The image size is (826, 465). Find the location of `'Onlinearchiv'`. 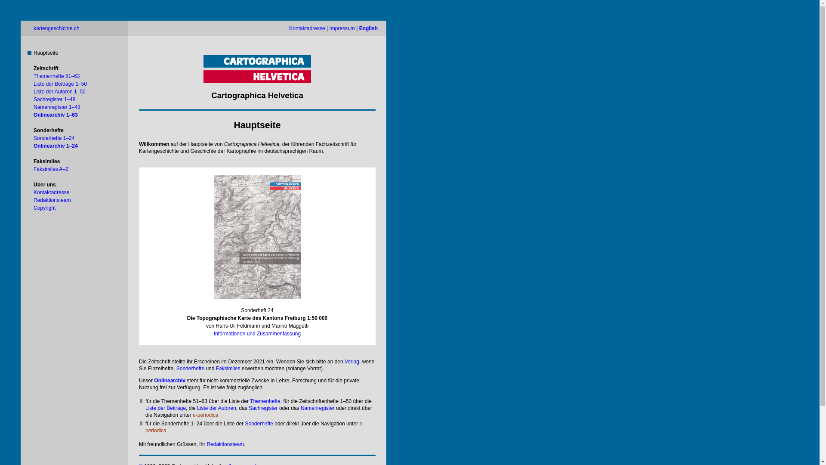

'Onlinearchiv' is located at coordinates (154, 380).